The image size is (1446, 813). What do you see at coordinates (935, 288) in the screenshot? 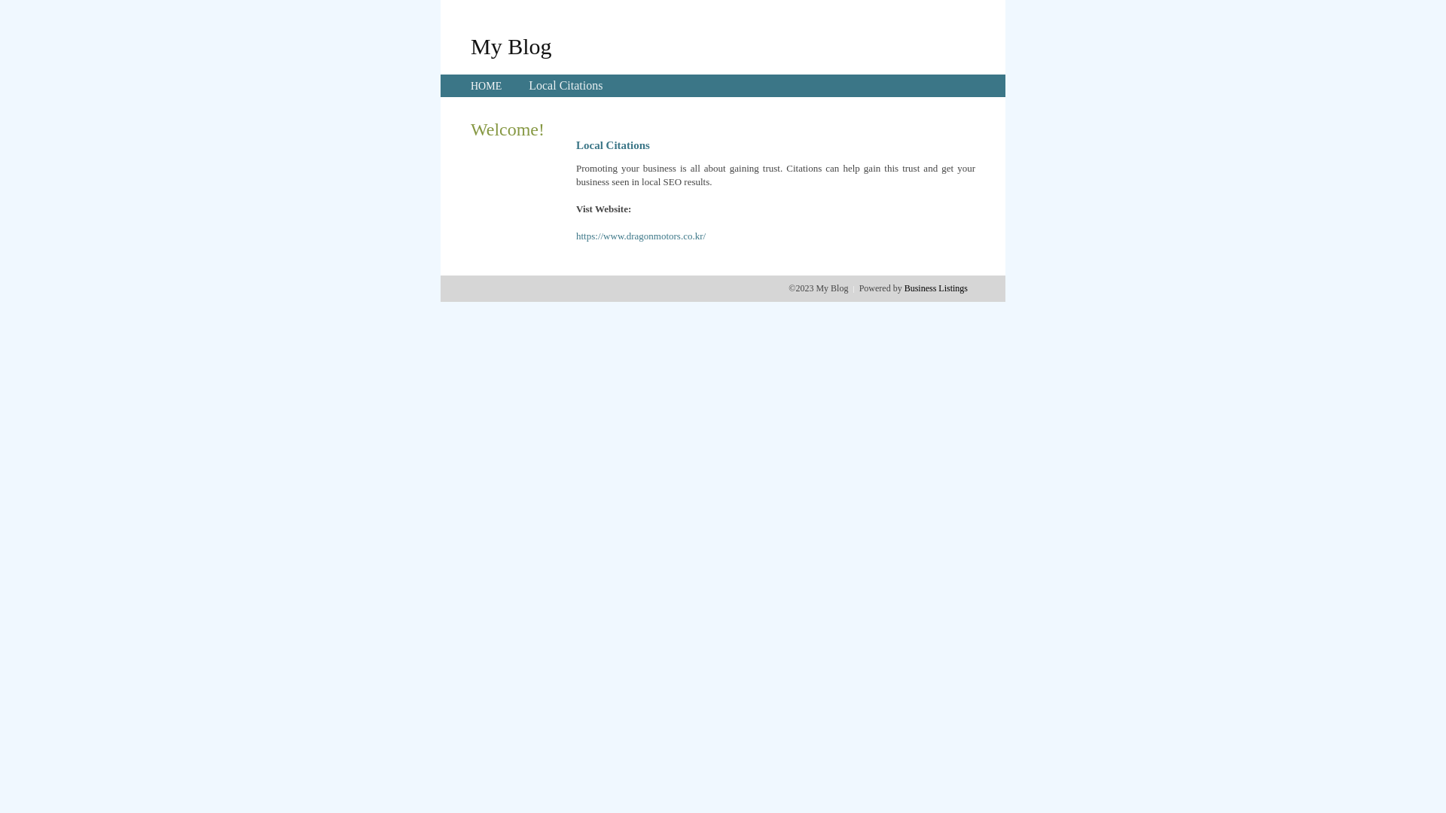
I see `'Business Listings'` at bounding box center [935, 288].